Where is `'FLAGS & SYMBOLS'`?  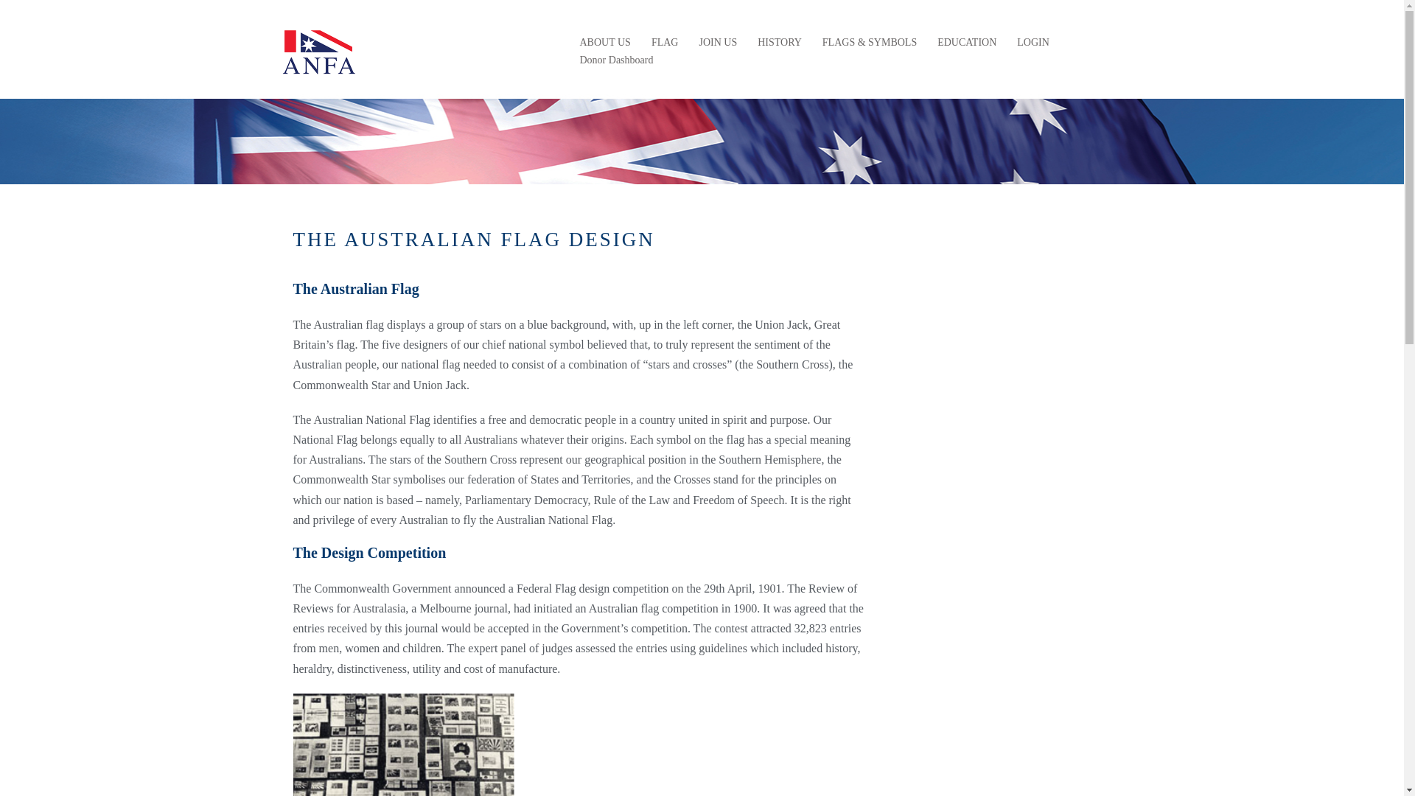
'FLAGS & SYMBOLS' is located at coordinates (870, 41).